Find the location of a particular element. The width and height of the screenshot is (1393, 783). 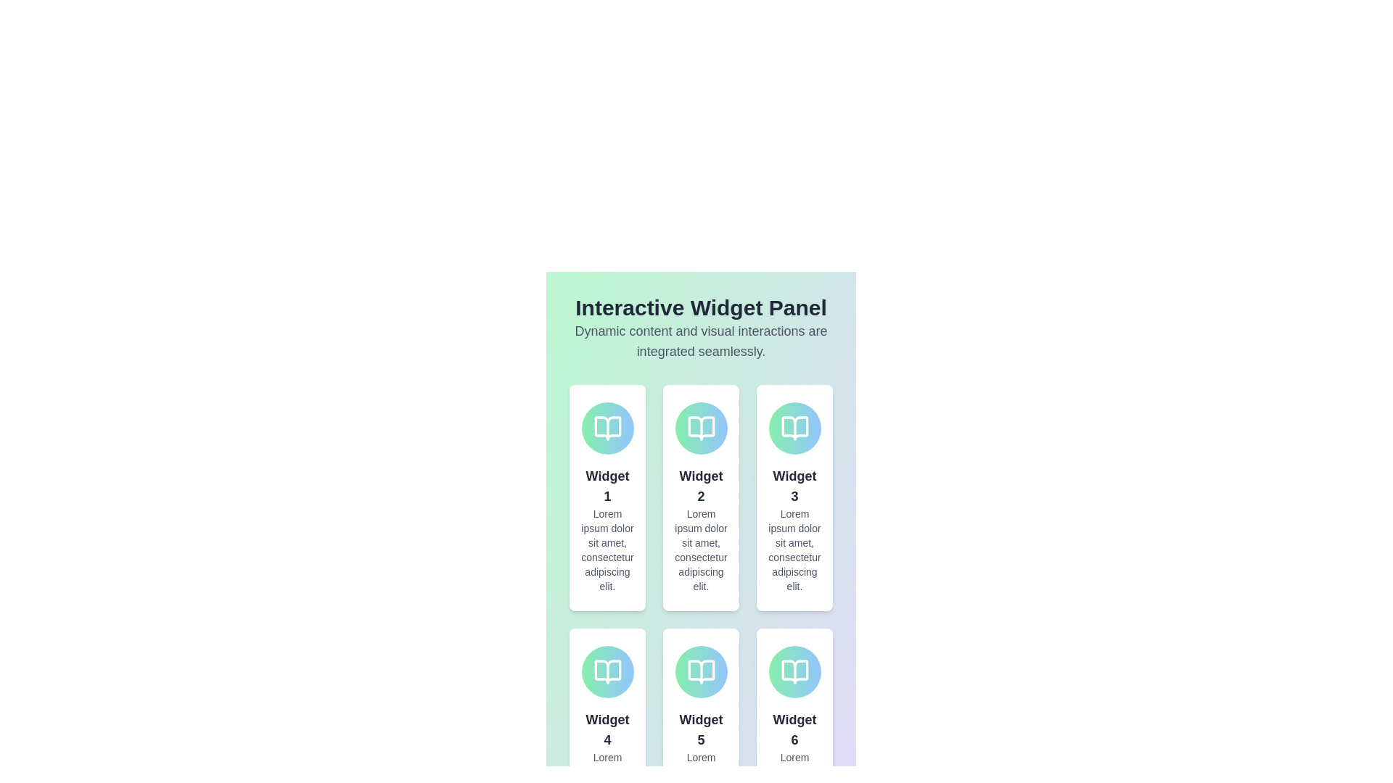

text label displaying 'Widget 3' located in the third card of the top row in a grid layout is located at coordinates (794, 486).